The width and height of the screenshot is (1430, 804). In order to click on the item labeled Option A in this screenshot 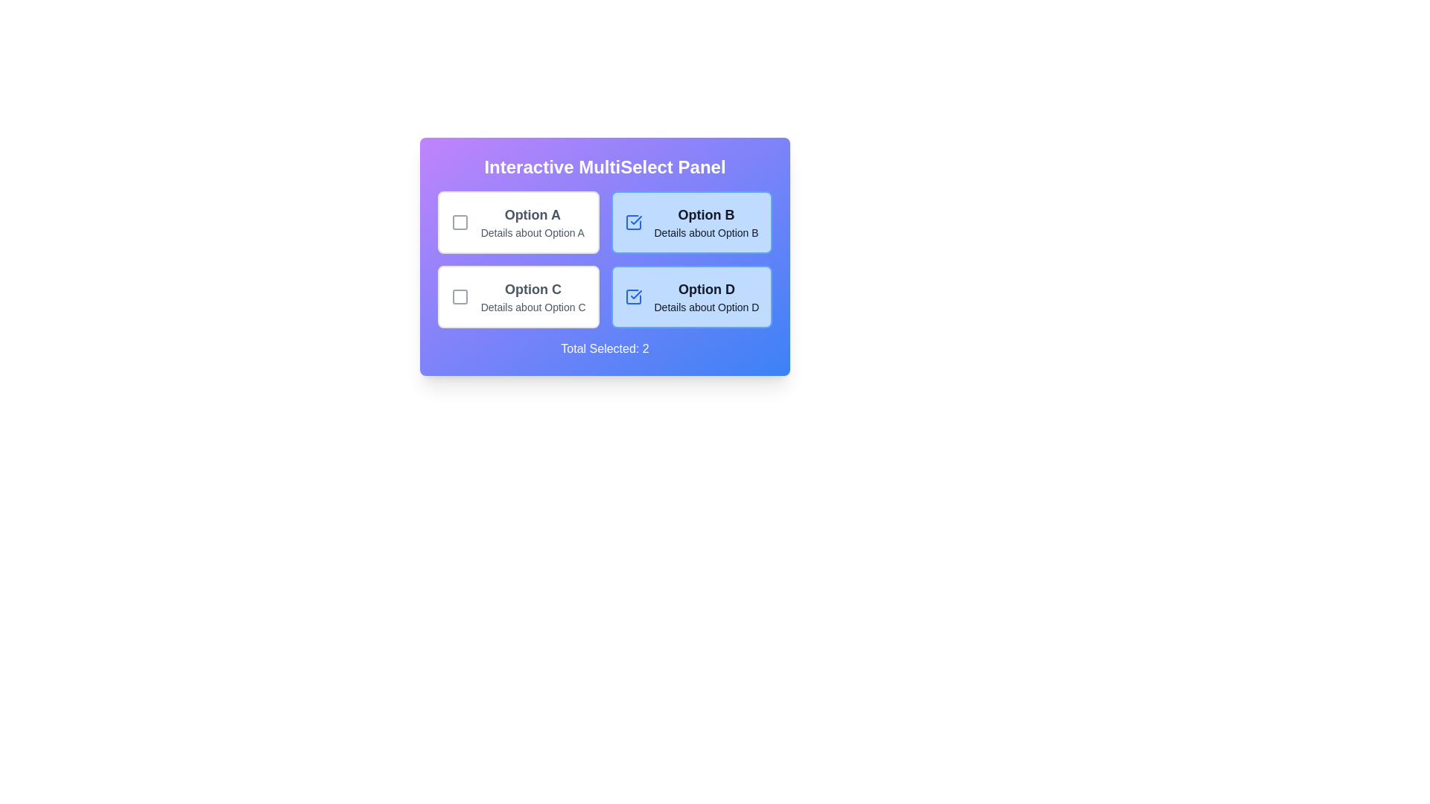, I will do `click(518, 223)`.